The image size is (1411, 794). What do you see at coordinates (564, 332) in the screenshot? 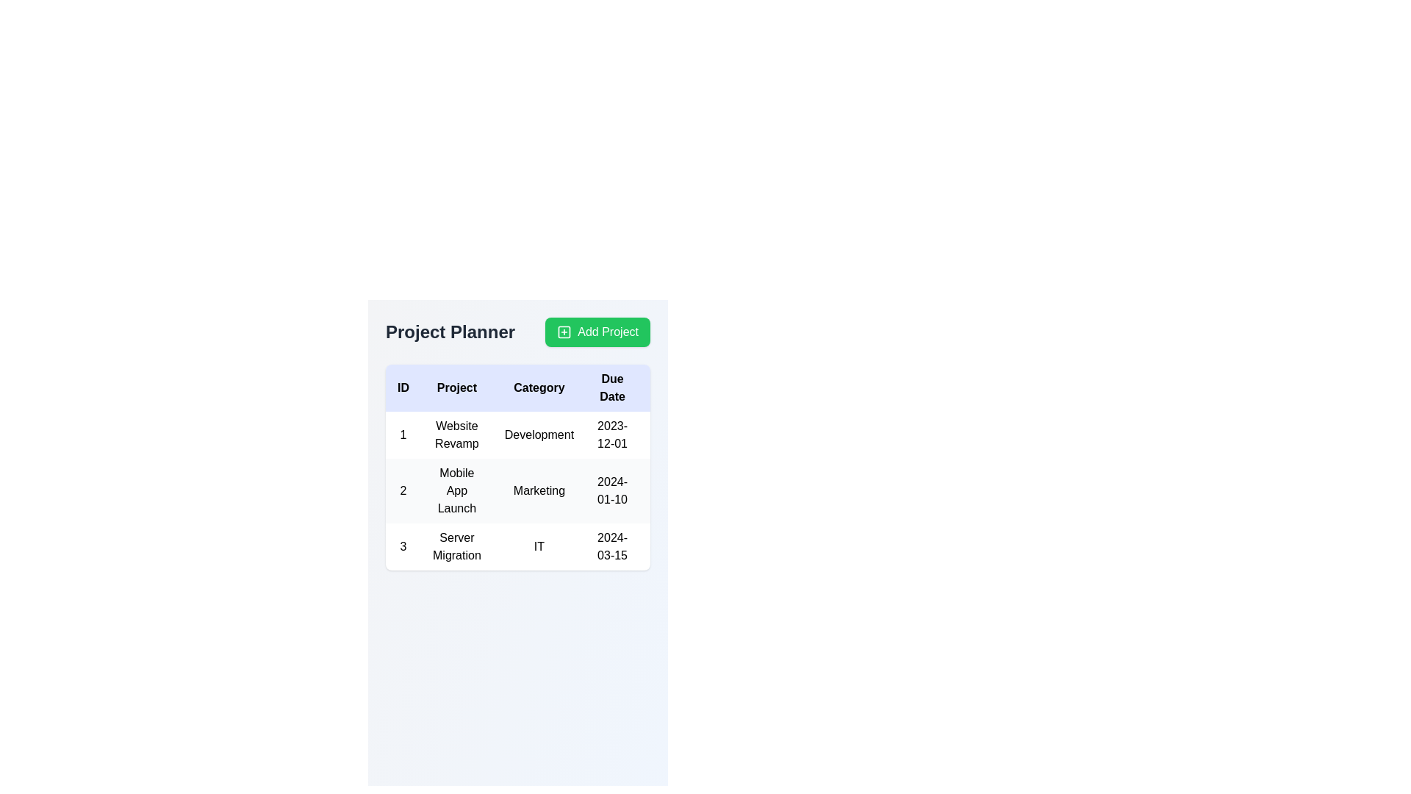
I see `the green square SVG icon with a plus sign in the center, located to the left of the 'Add Project' button in the project planner interface` at bounding box center [564, 332].